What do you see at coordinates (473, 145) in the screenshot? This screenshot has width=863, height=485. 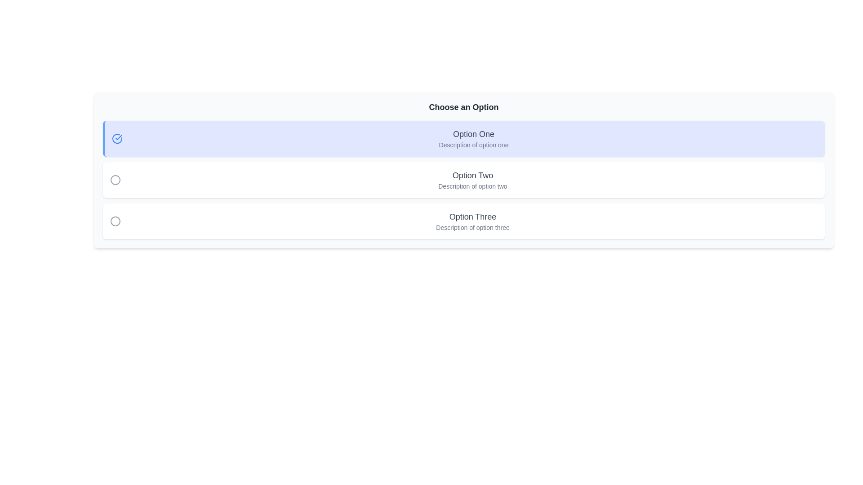 I see `text of the label located directly underneath the header titled 'Option One', which describes the first selectable option` at bounding box center [473, 145].